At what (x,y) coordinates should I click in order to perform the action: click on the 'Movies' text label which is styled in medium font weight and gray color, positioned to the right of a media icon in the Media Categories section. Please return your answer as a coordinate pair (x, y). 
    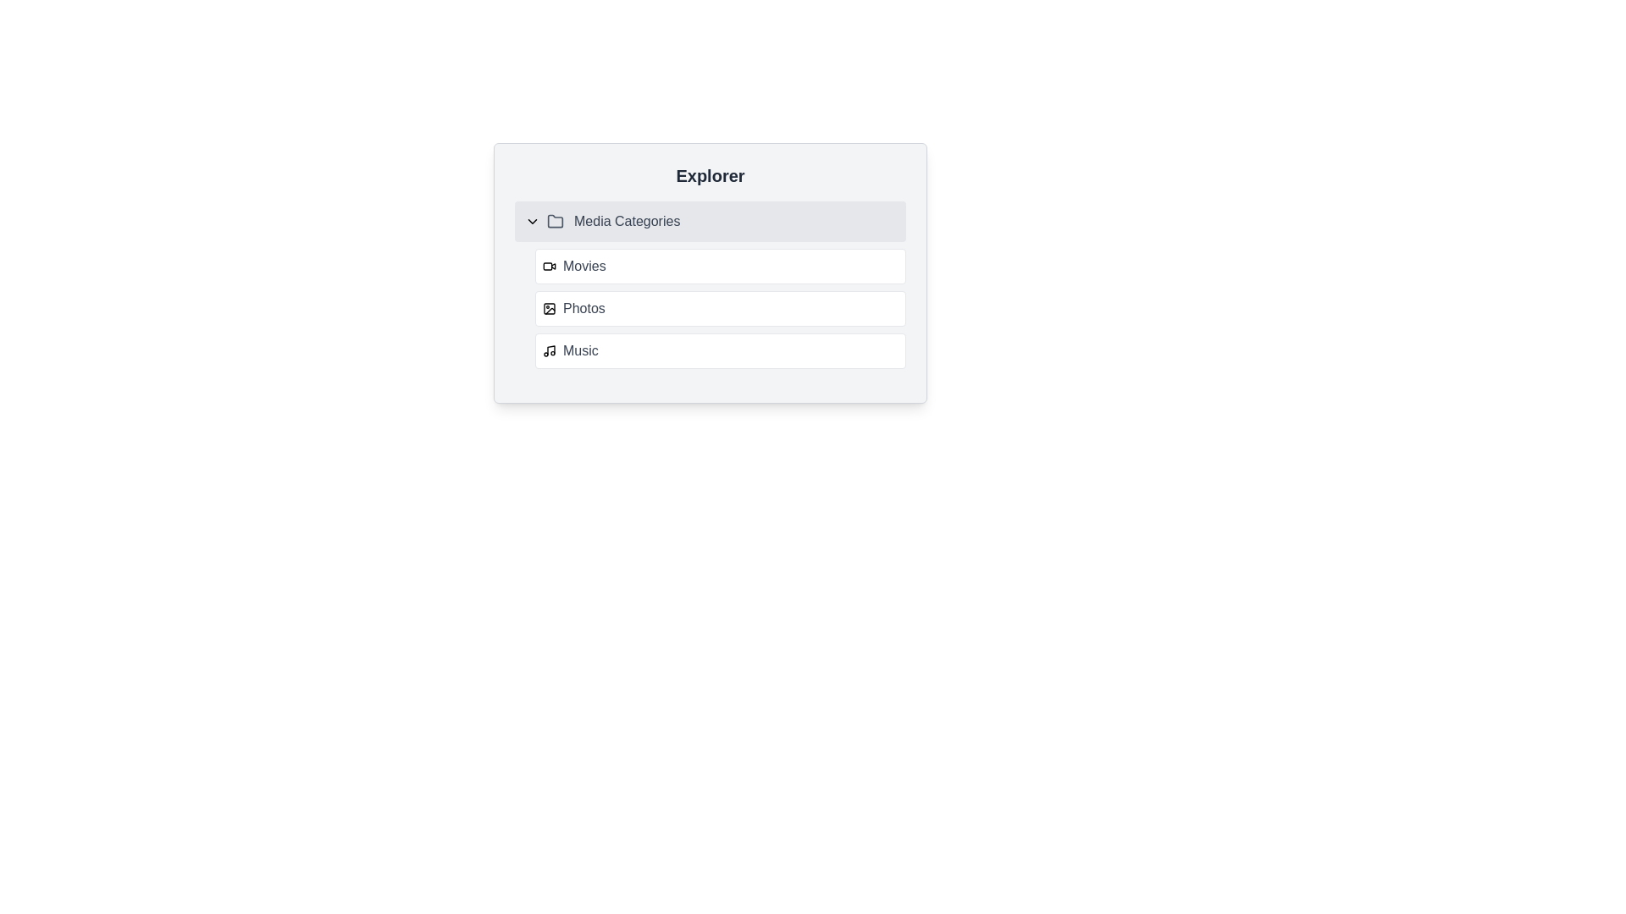
    Looking at the image, I should click on (584, 267).